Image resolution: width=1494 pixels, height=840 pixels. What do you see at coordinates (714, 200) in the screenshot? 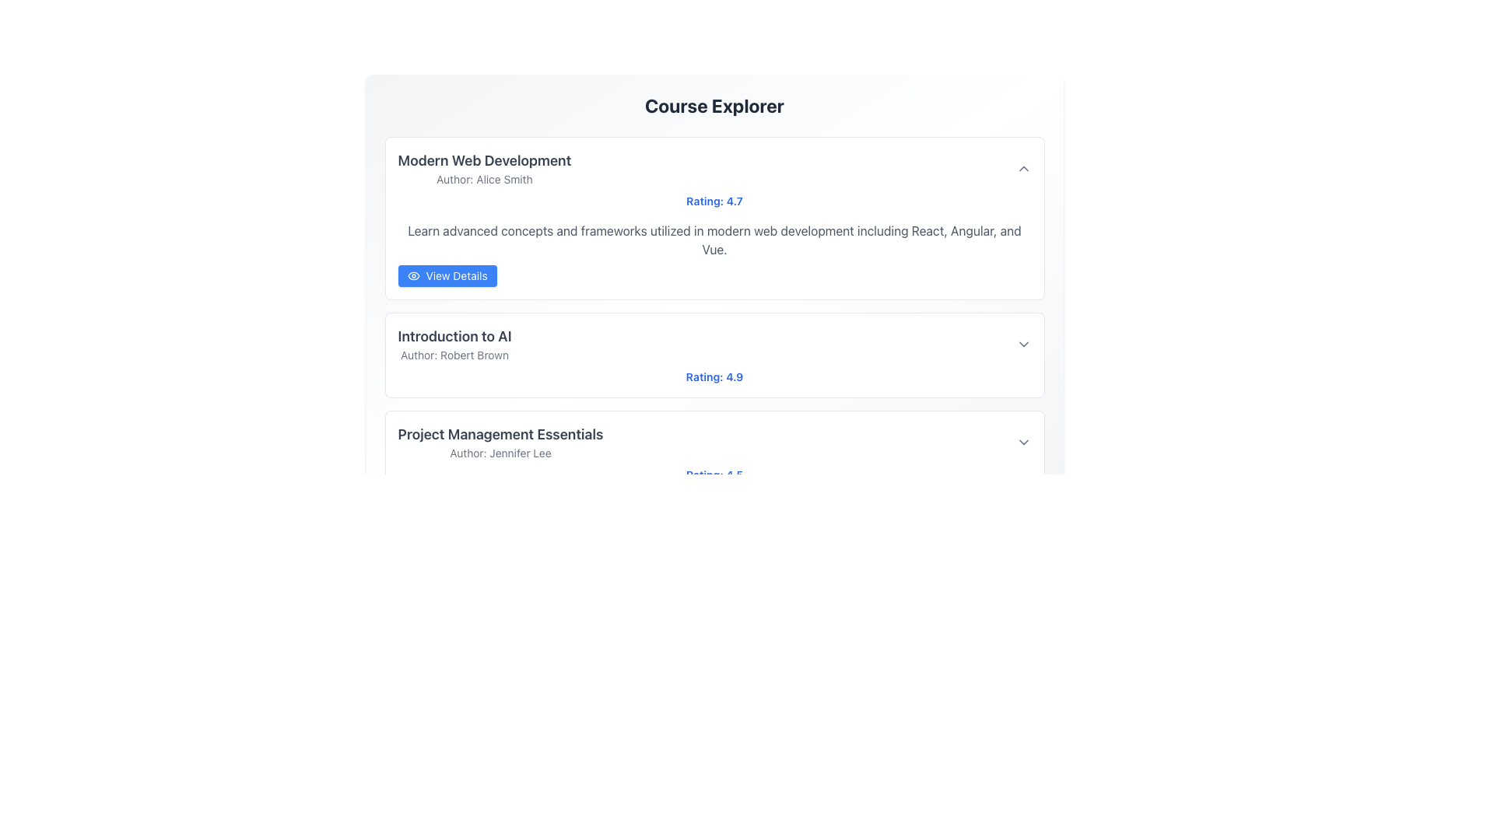
I see `the text label element displaying 'Rating: 4.7', which is styled in blue and bold, located just below the title 'Modern Web Development'` at bounding box center [714, 200].